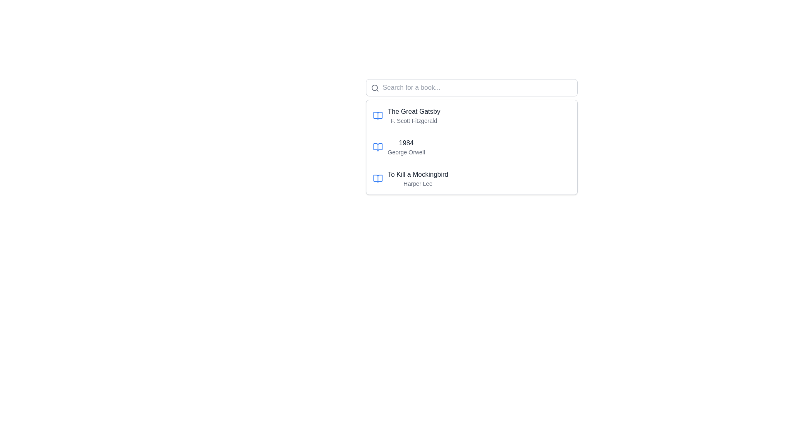 This screenshot has width=794, height=447. I want to click on the text block displaying the title 'To Kill a Mockingbird' and author 'Harper Lee', which is the third item in a vertical list aligned to the left, so click(418, 178).